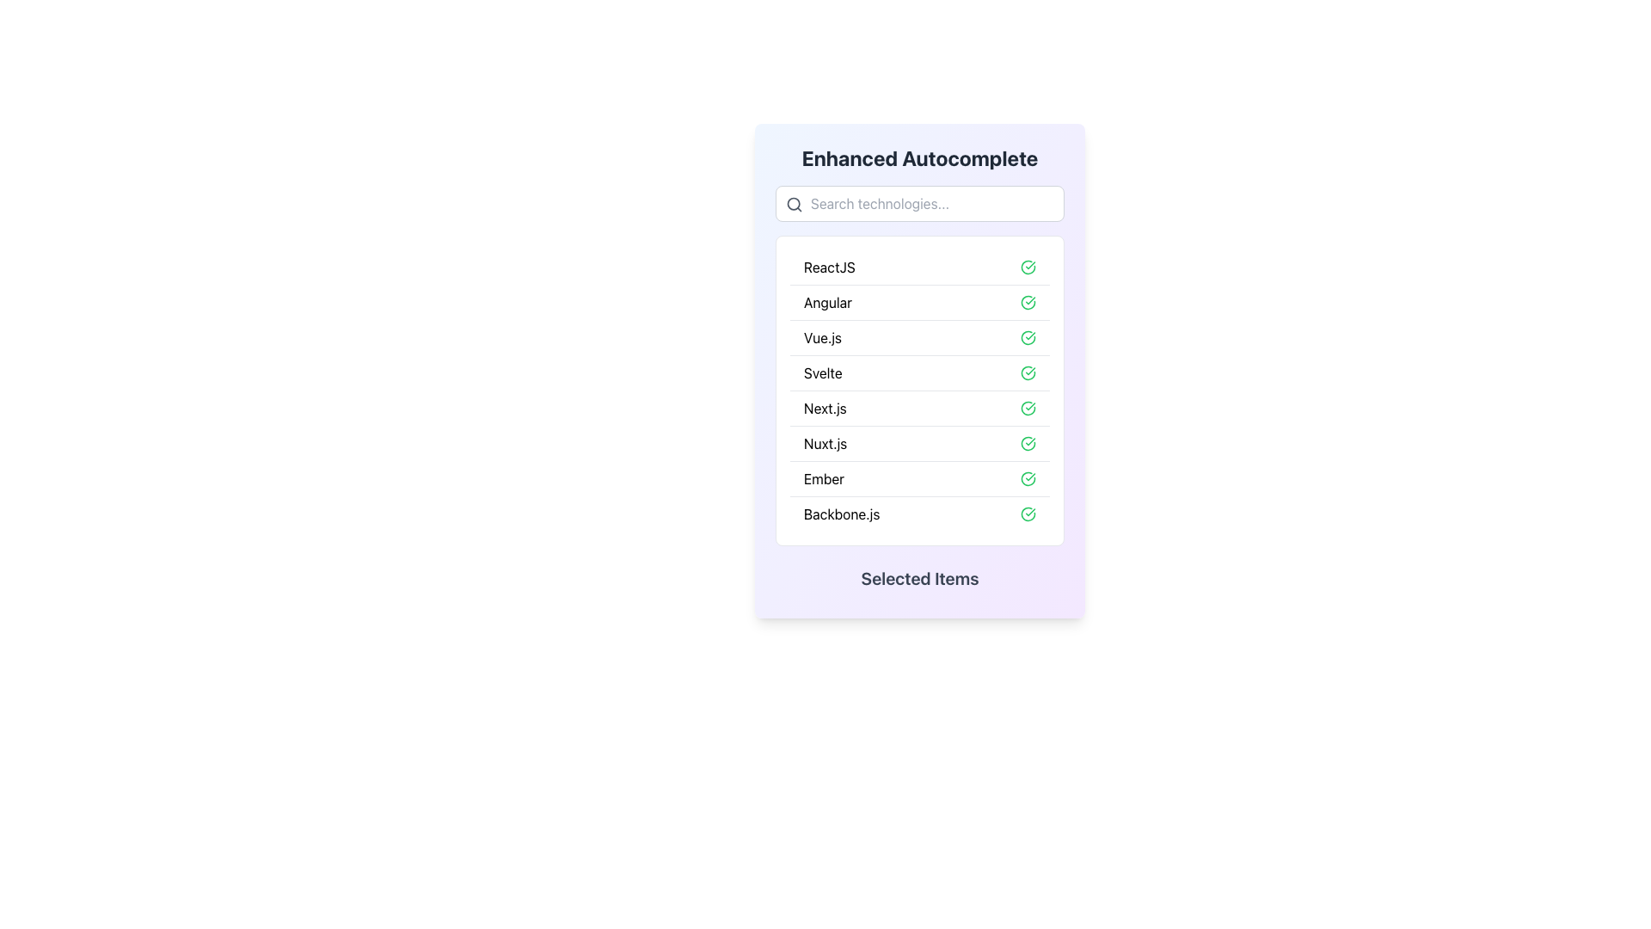  What do you see at coordinates (828, 301) in the screenshot?
I see `the text label displaying 'Angular'` at bounding box center [828, 301].